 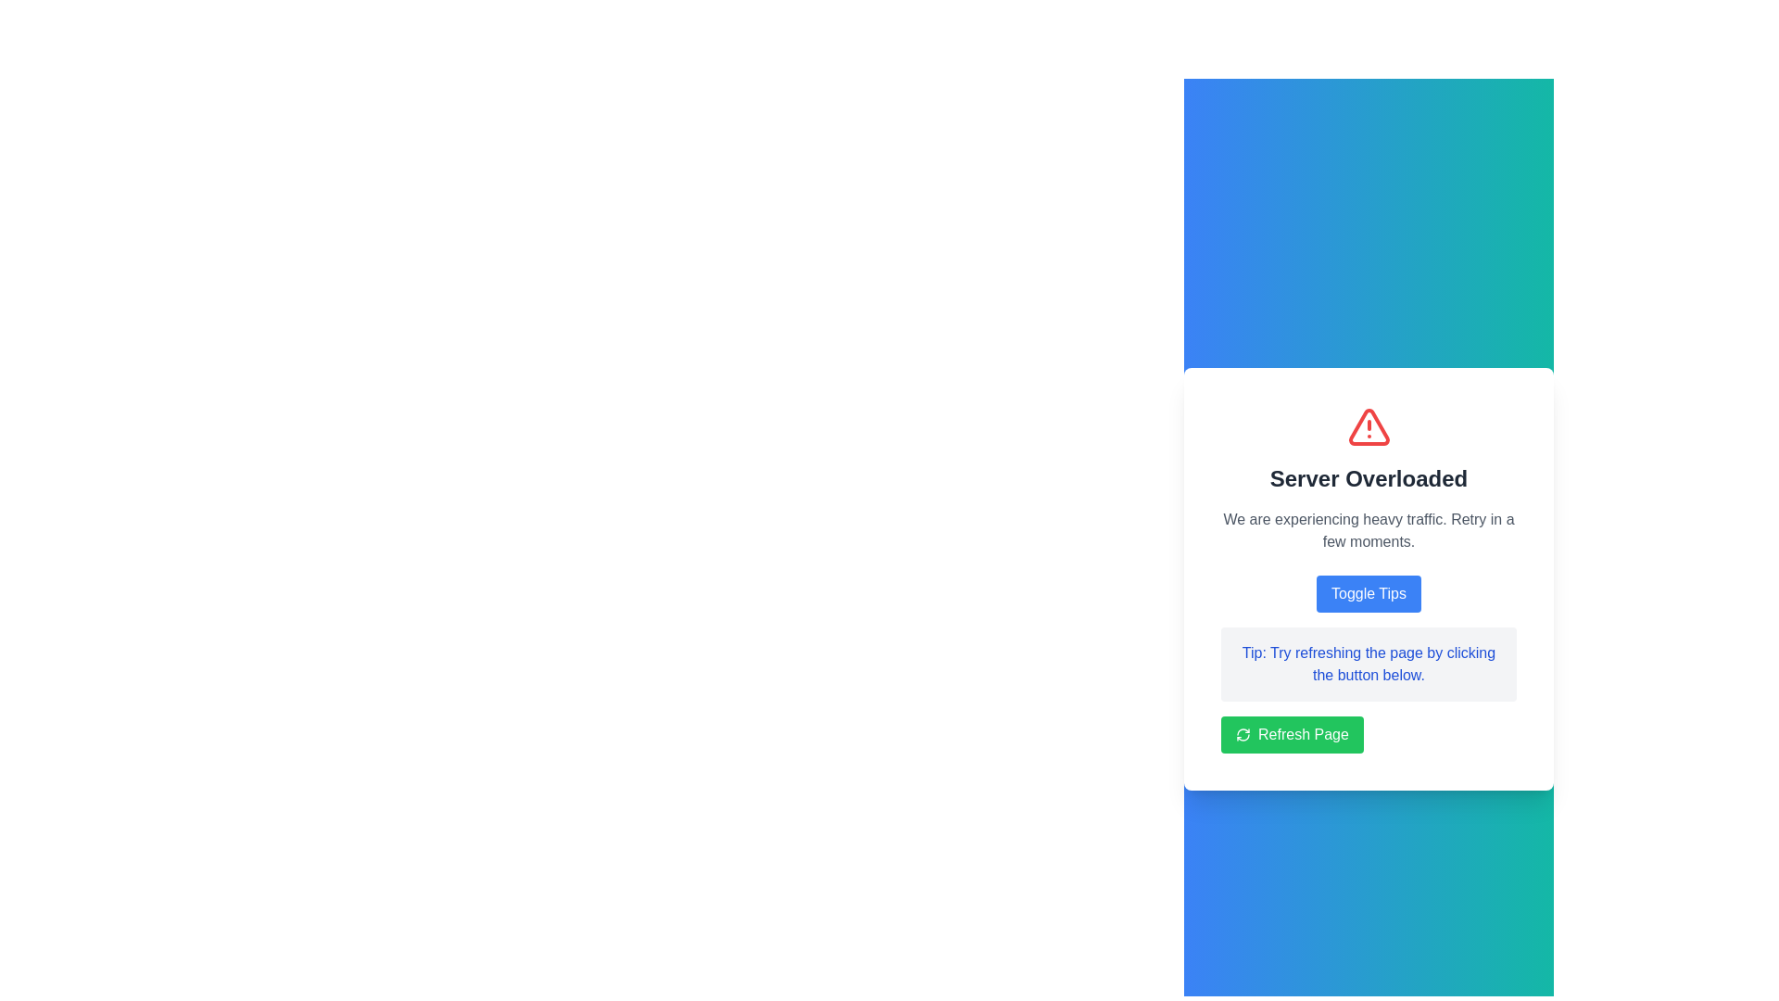 What do you see at coordinates (1369, 664) in the screenshot?
I see `the text label that displays the message 'Tip: Try refreshing the page by clicking the button below.' which is styled in blue font against a slightly grayed background` at bounding box center [1369, 664].